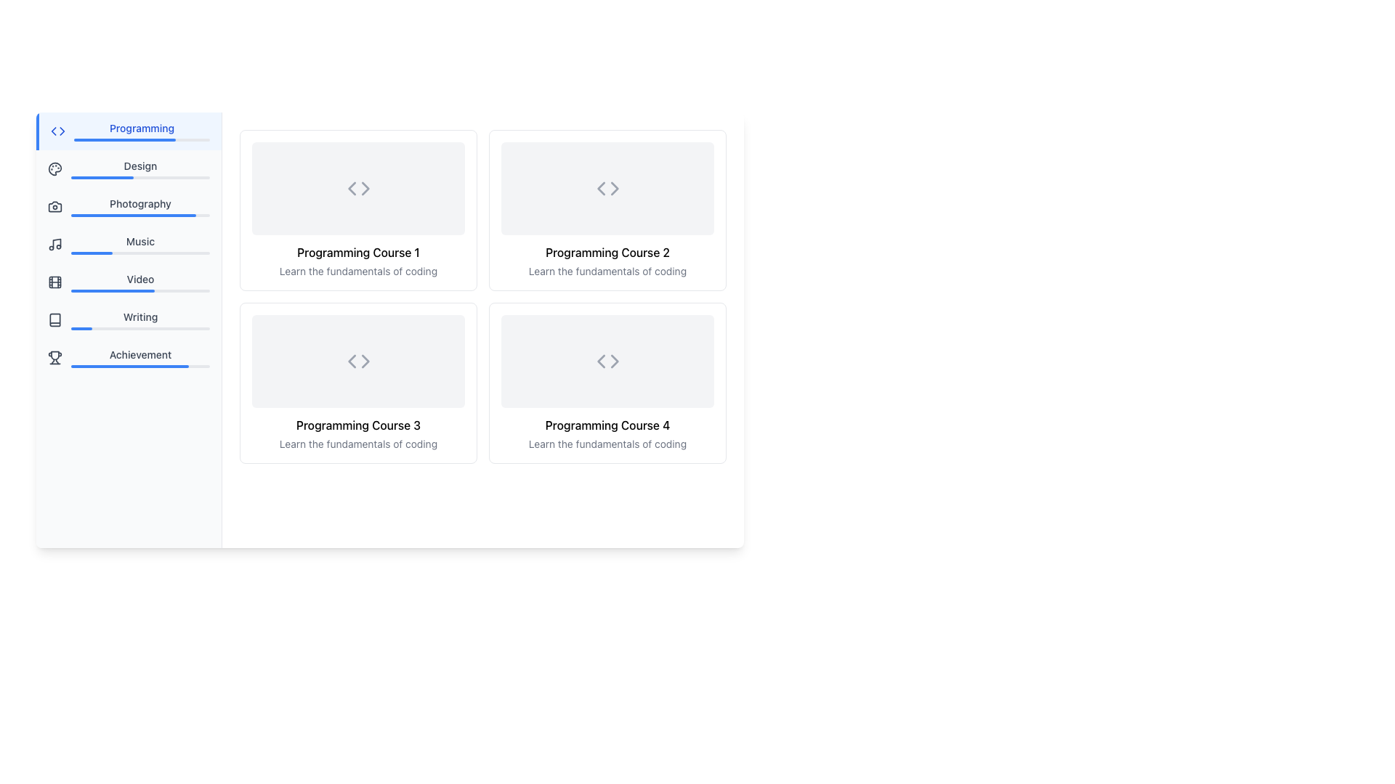 This screenshot has width=1395, height=784. What do you see at coordinates (130, 366) in the screenshot?
I see `the blue progress bar segment that is centrally aligned within the horizontal progress bar below the 'Achievement' label` at bounding box center [130, 366].